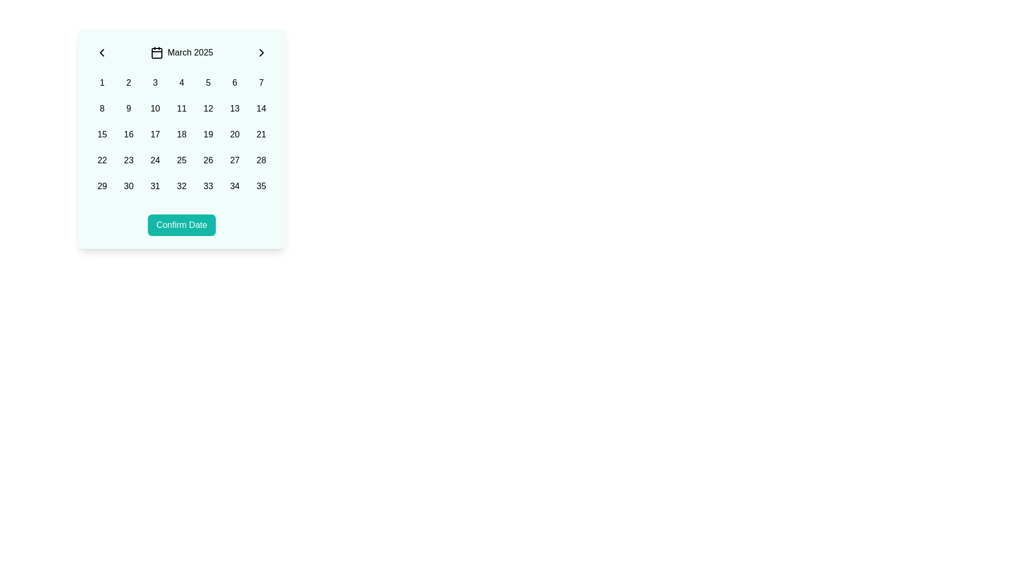 Image resolution: width=1036 pixels, height=582 pixels. What do you see at coordinates (234, 186) in the screenshot?
I see `the button representing the date '34' in the calendar interface` at bounding box center [234, 186].